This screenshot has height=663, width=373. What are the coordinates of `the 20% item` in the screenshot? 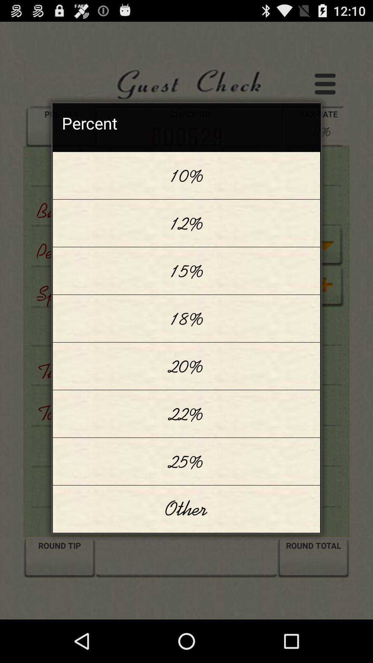 It's located at (186, 366).